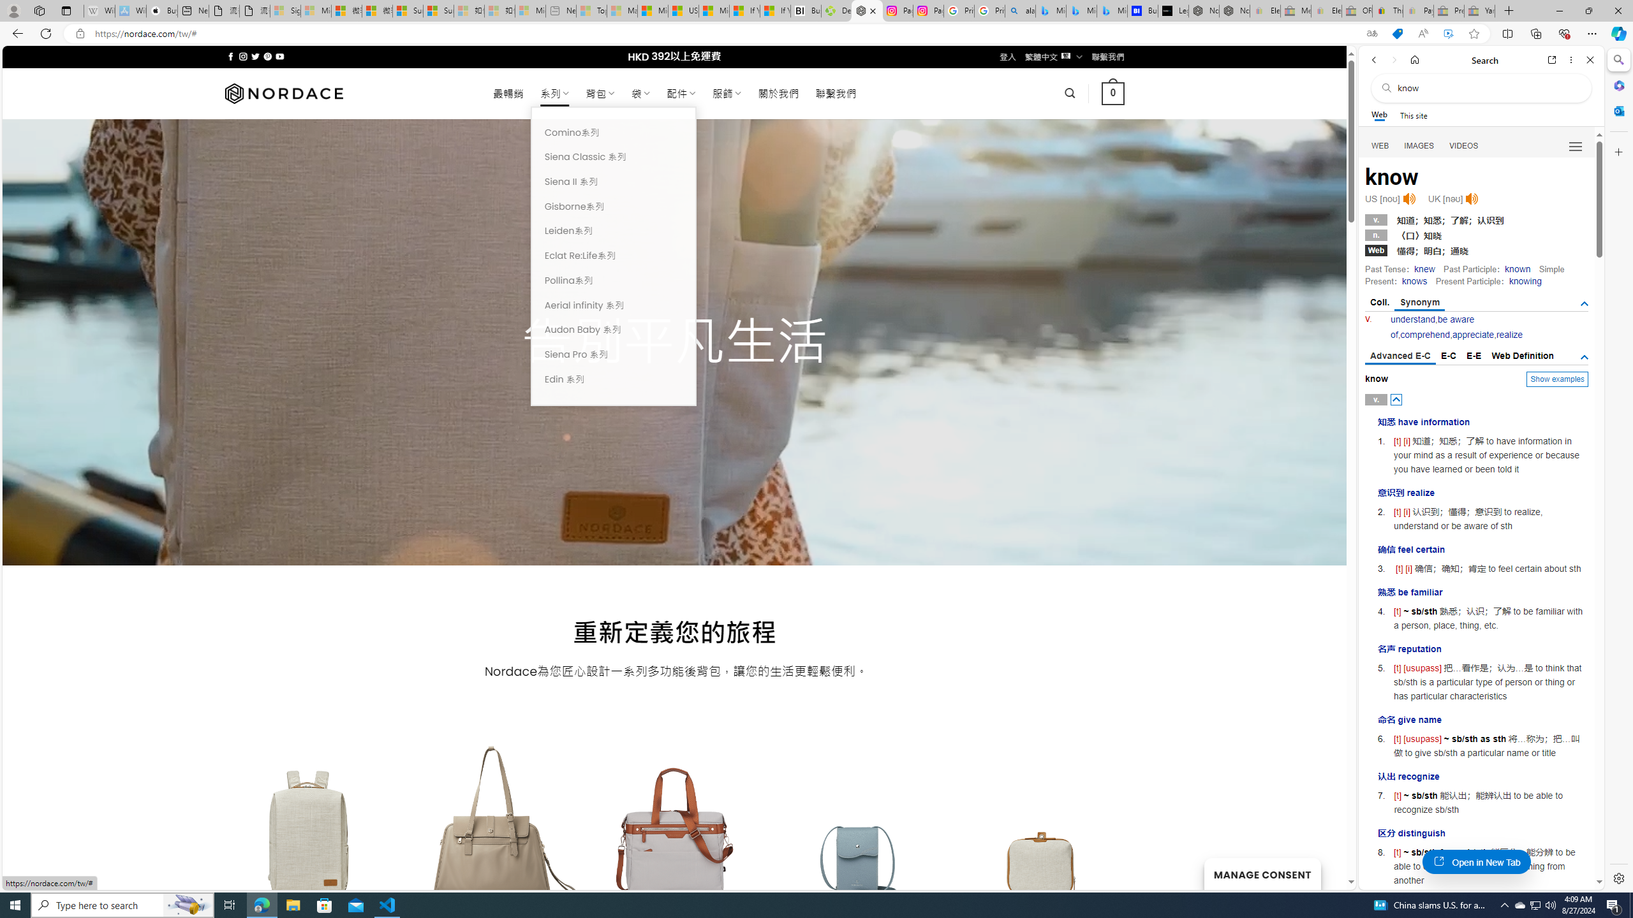  I want to click on 'Descarga Driver Updater', so click(837, 10).